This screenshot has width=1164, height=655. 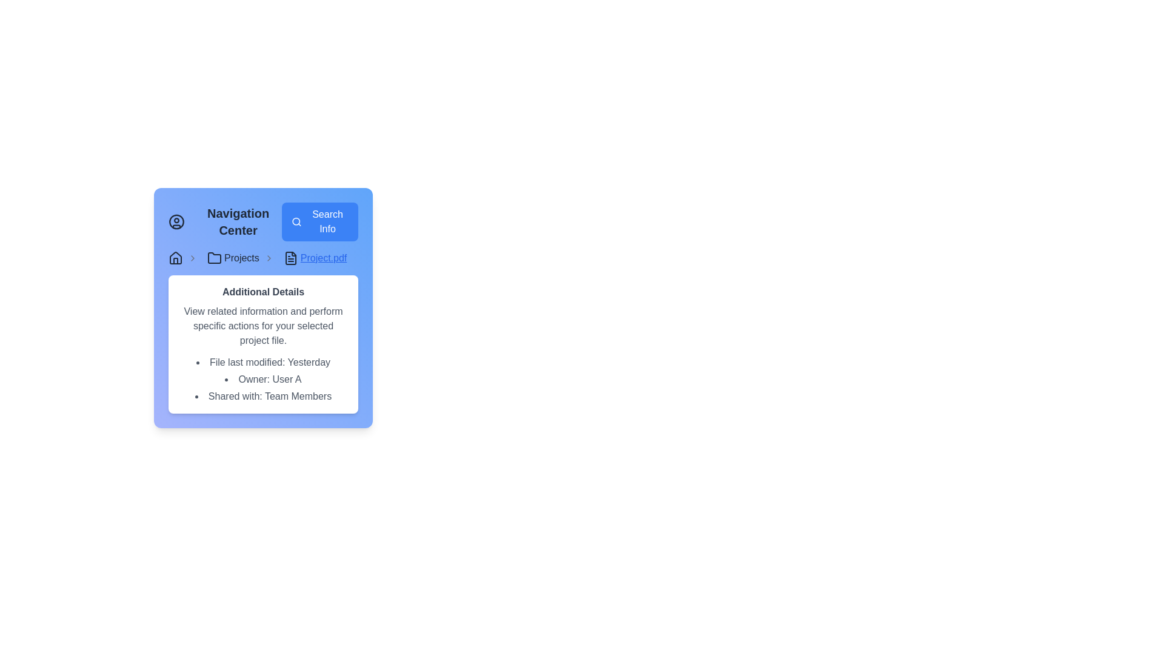 What do you see at coordinates (215, 257) in the screenshot?
I see `the folder icon styled as an outline with rounded corners, located at the beginning of the breadcrumb navigation bar before the label 'Projects'` at bounding box center [215, 257].